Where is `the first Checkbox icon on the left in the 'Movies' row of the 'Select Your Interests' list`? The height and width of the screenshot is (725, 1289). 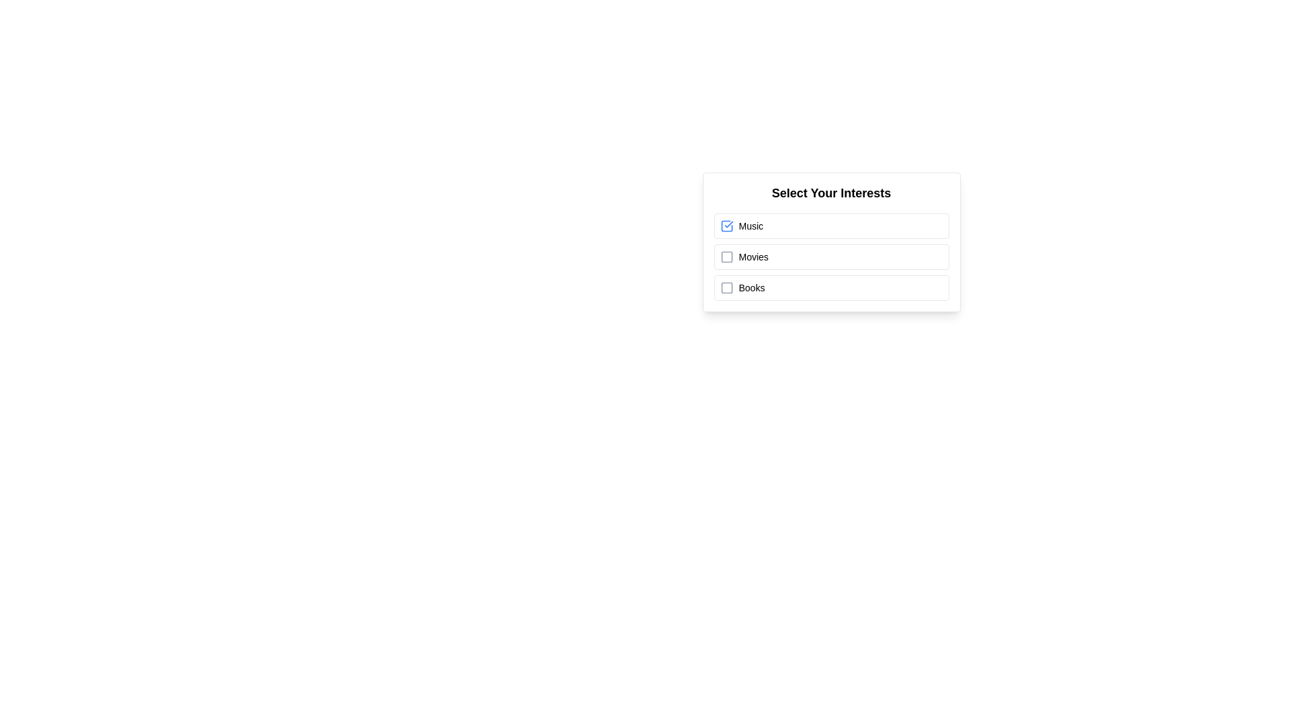
the first Checkbox icon on the left in the 'Movies' row of the 'Select Your Interests' list is located at coordinates (726, 256).